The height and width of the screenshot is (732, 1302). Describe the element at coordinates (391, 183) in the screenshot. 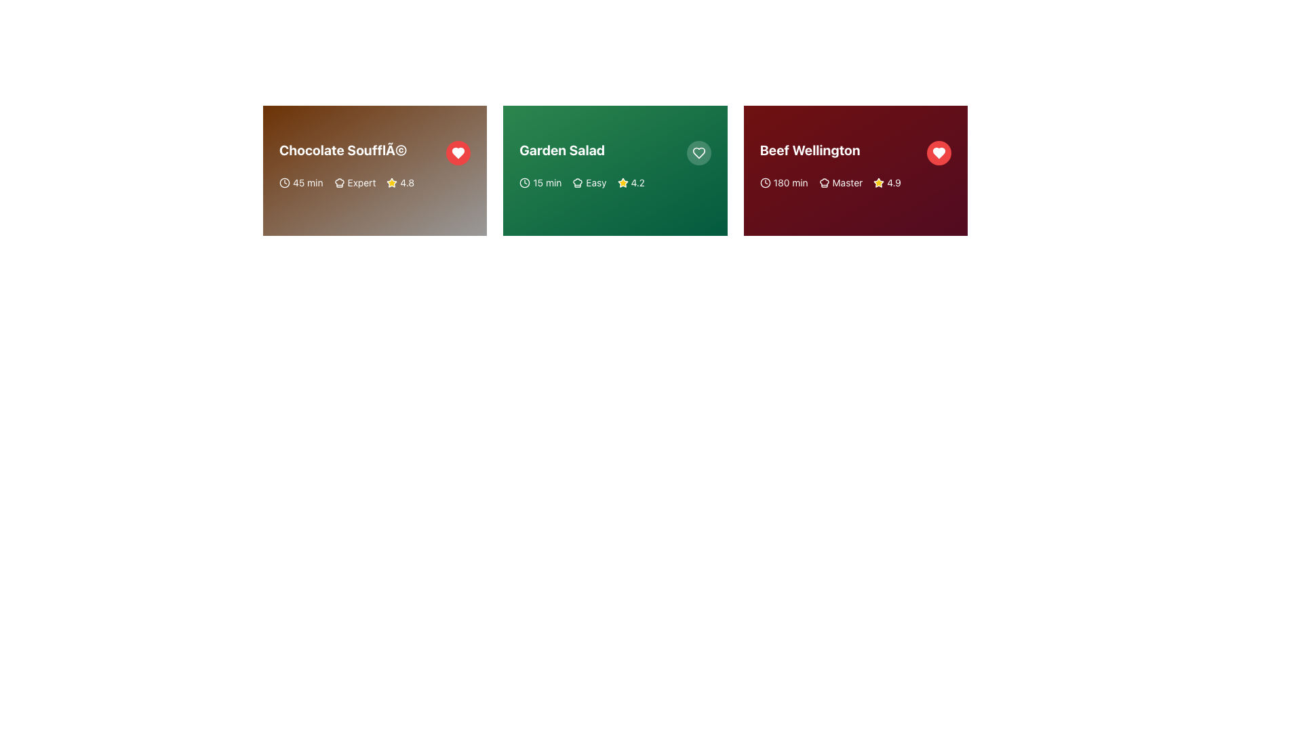

I see `the star icon representing the rating of 'Chocolate Soufflé', which is located to the left of the numerical rating '4.8'` at that location.